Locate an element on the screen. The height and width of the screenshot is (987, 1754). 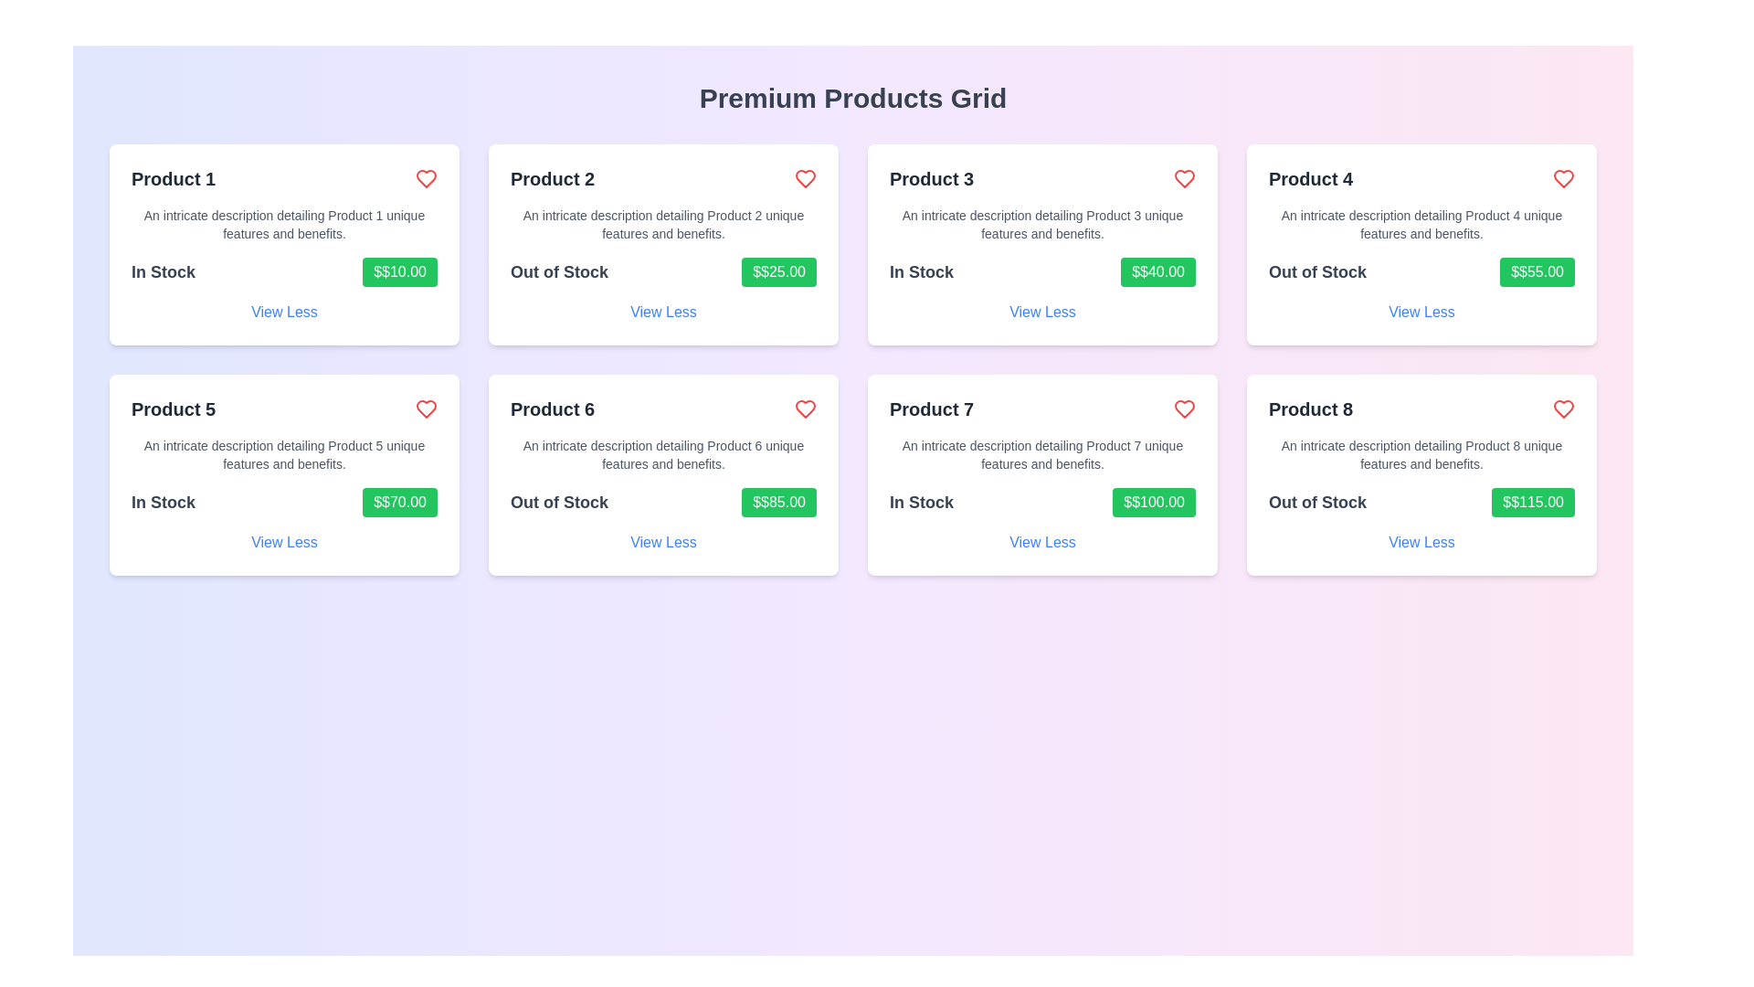
the price button for 'Product 3', located beneath 'In Stock' is located at coordinates (1157, 271).